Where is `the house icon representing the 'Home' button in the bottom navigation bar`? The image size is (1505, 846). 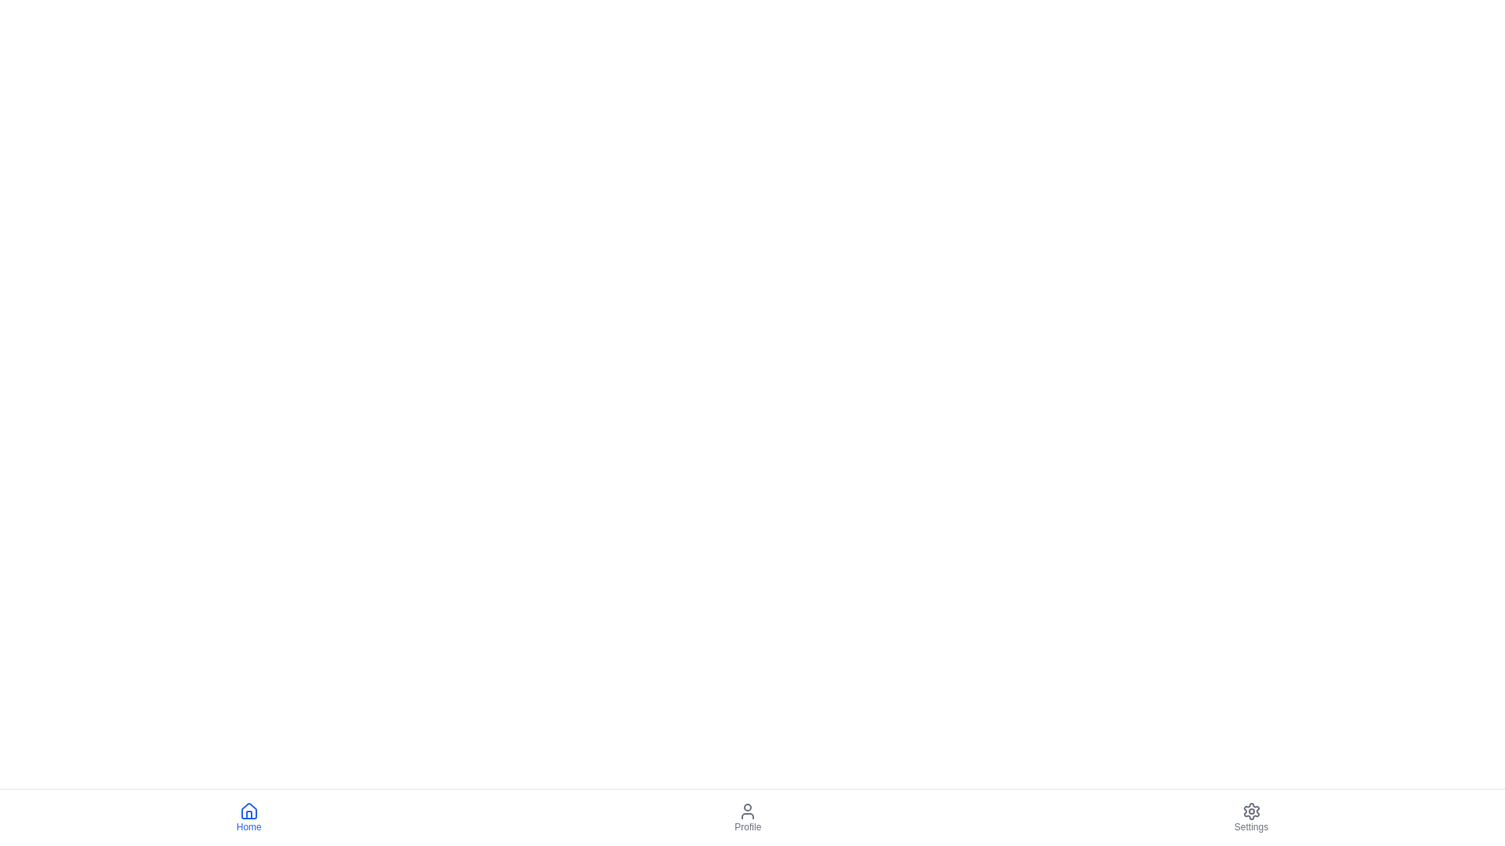
the house icon representing the 'Home' button in the bottom navigation bar is located at coordinates (248, 811).